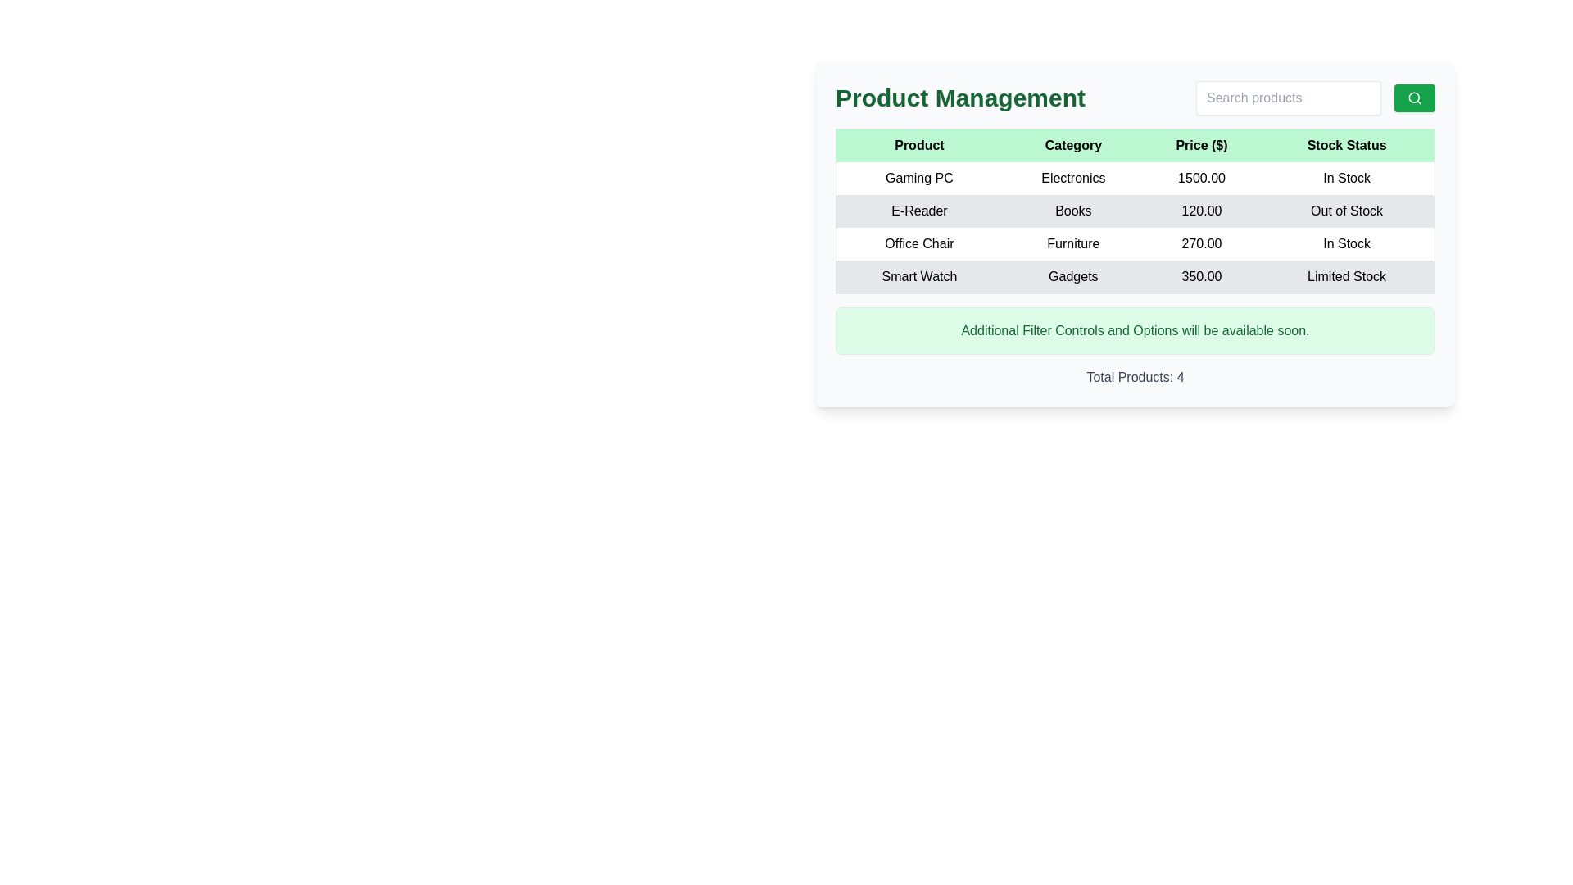 The width and height of the screenshot is (1573, 885). What do you see at coordinates (919, 179) in the screenshot?
I see `the text label reading 'Gaming PC' located in the first row of the table under the 'Product' header` at bounding box center [919, 179].